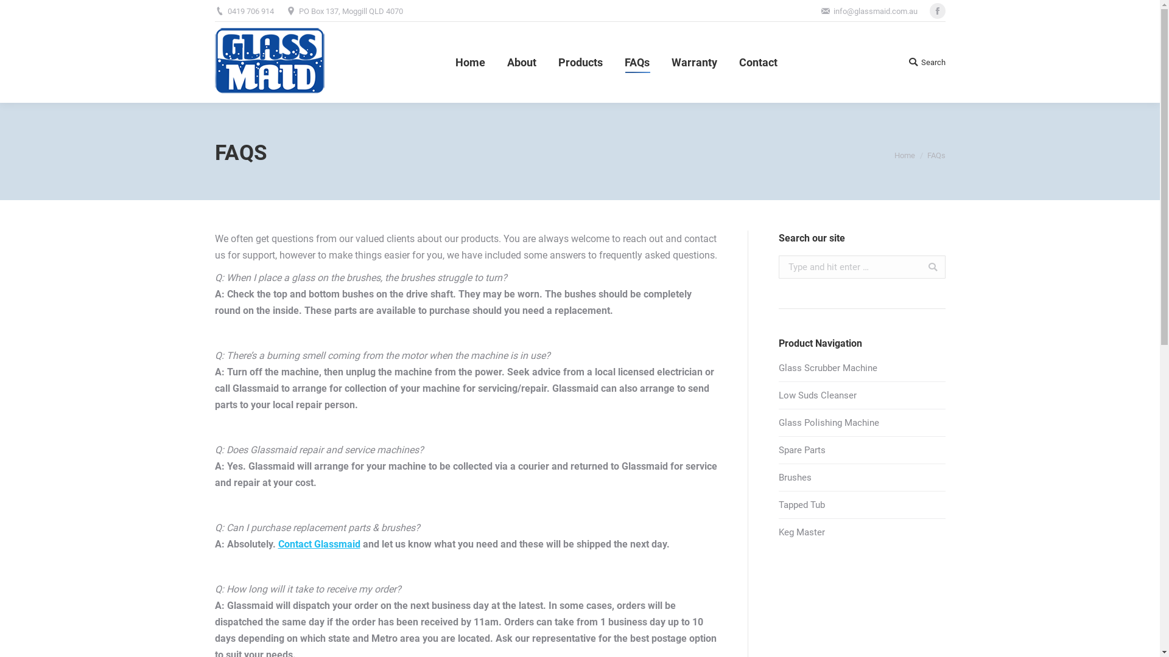  What do you see at coordinates (469, 62) in the screenshot?
I see `'Home'` at bounding box center [469, 62].